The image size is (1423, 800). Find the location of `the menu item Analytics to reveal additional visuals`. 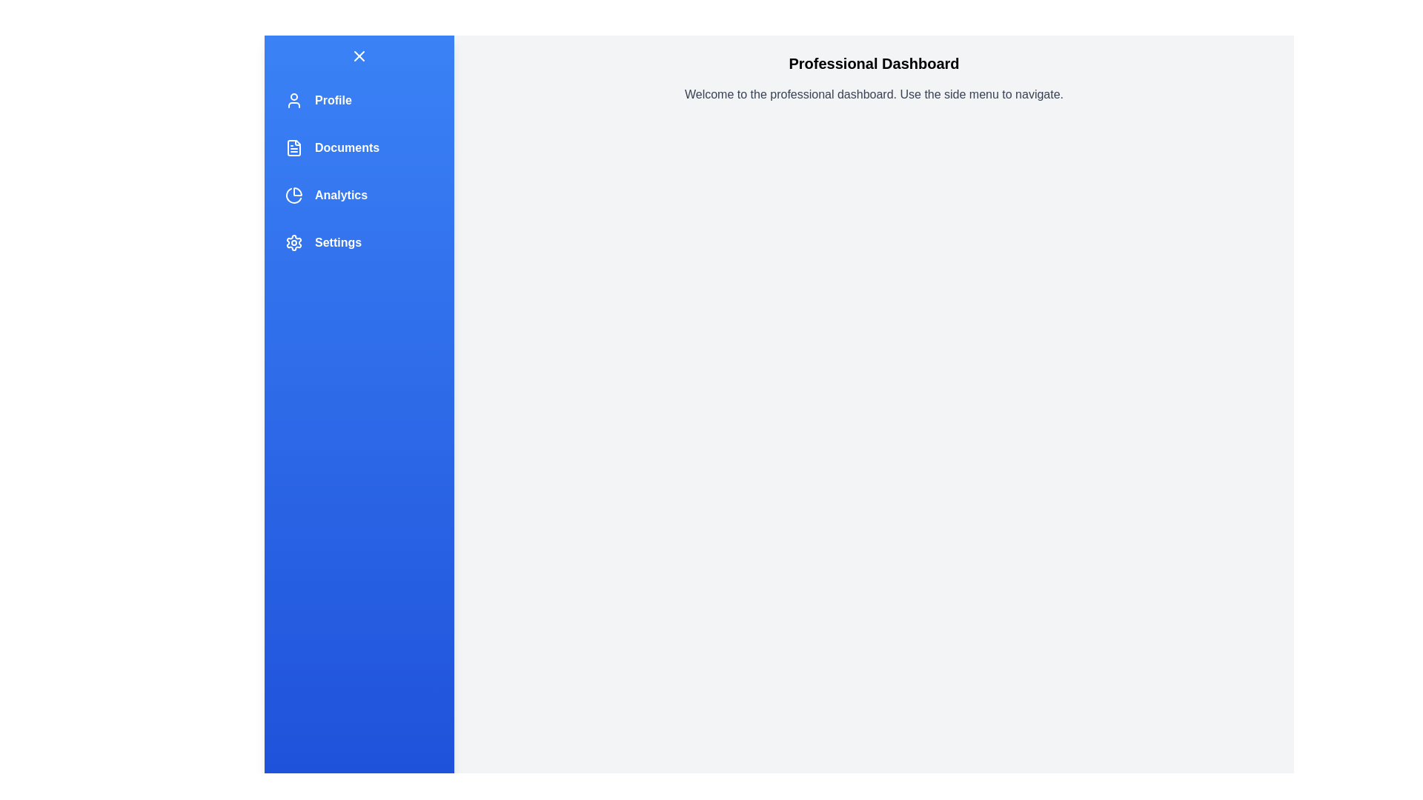

the menu item Analytics to reveal additional visuals is located at coordinates (359, 194).